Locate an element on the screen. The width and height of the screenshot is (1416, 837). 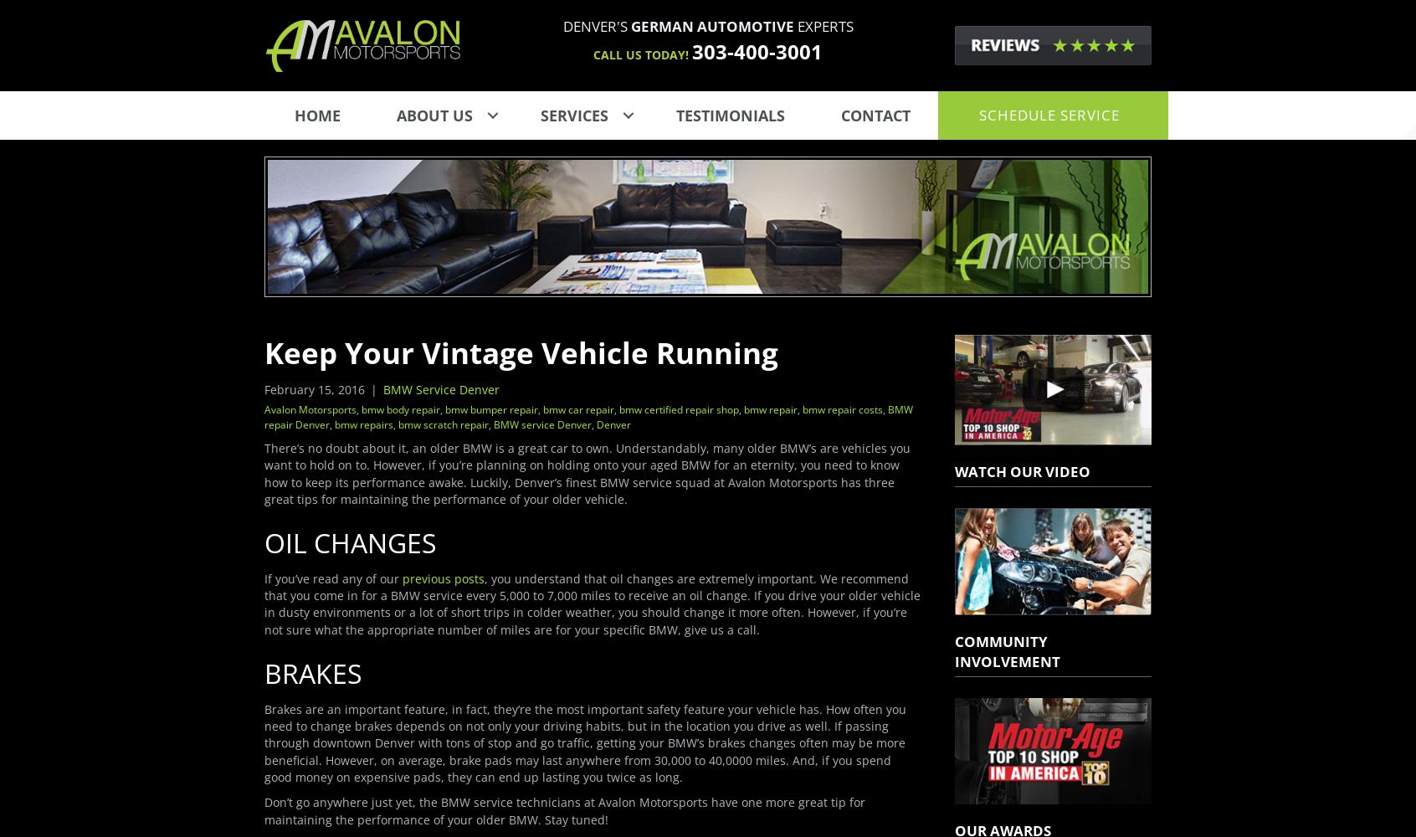
'Keep Your Vintage Vehicle Running' is located at coordinates (520, 352).